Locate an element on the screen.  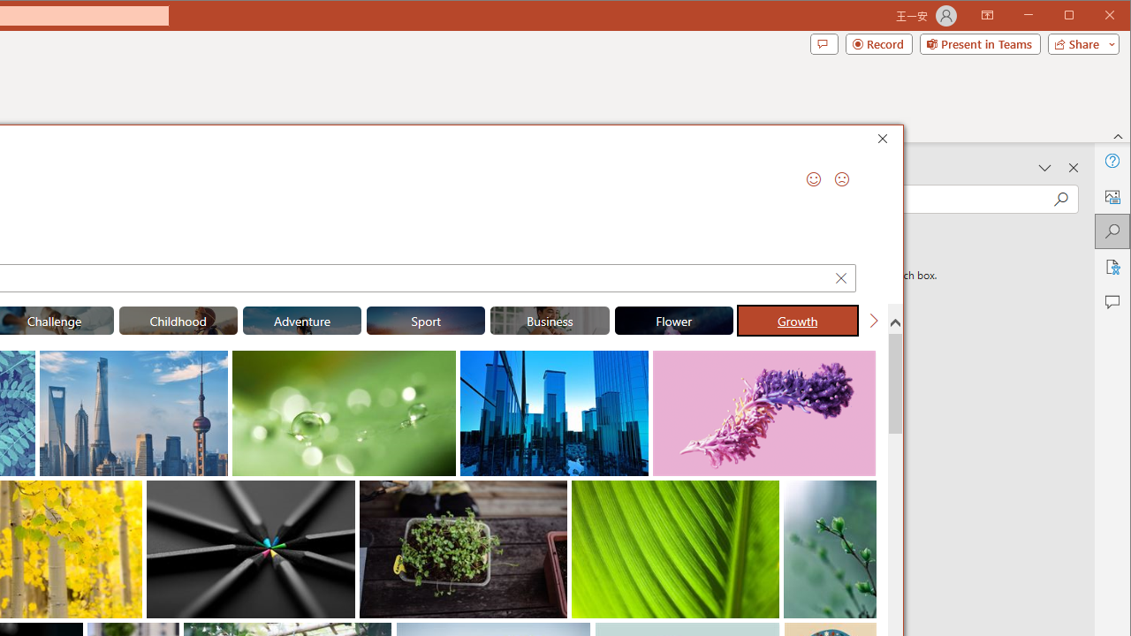
'"Childhood" Stock Images.' is located at coordinates (178, 320).